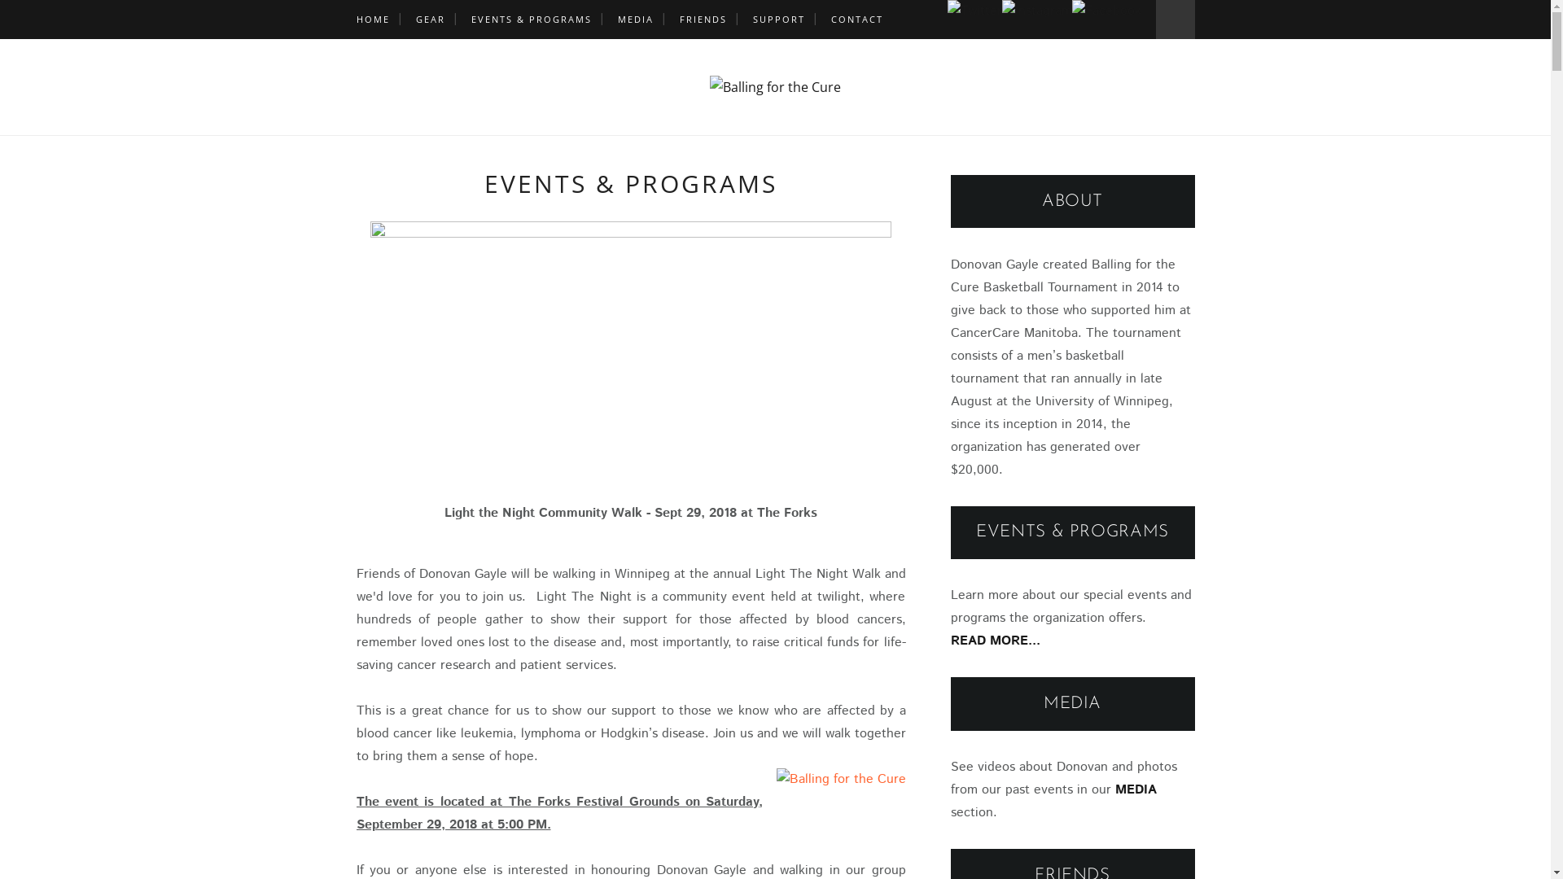 The image size is (1563, 879). What do you see at coordinates (974, 11) in the screenshot?
I see `'Twitter'` at bounding box center [974, 11].